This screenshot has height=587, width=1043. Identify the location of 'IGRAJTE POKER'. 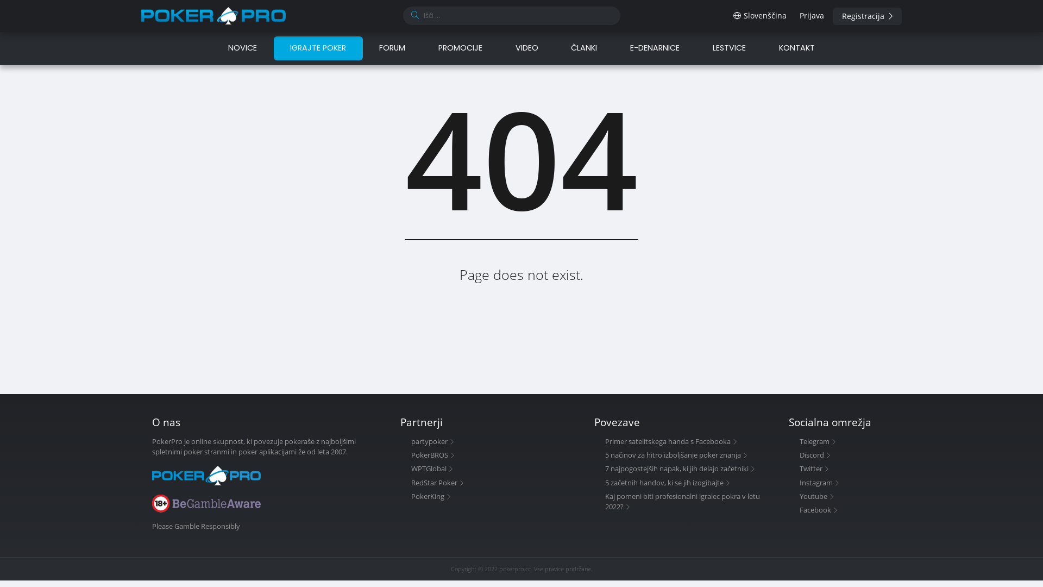
(274, 47).